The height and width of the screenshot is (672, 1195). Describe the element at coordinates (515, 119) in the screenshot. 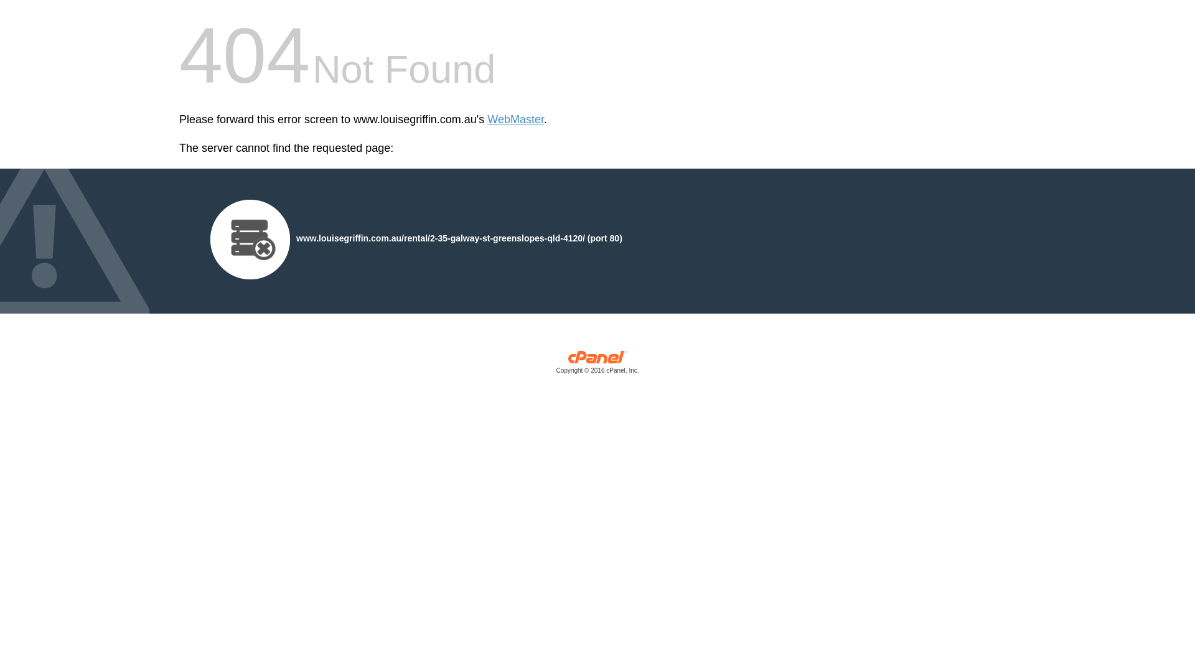

I see `'WebMaster'` at that location.